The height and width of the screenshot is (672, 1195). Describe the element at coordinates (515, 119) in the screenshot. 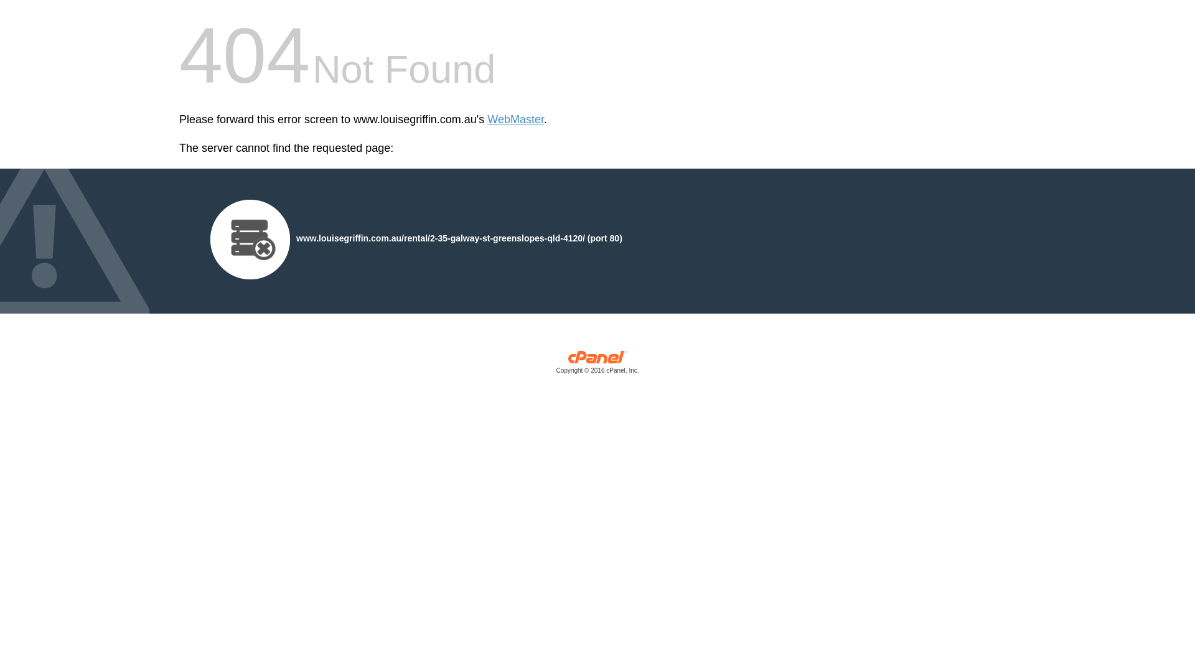

I see `'WebMaster'` at that location.